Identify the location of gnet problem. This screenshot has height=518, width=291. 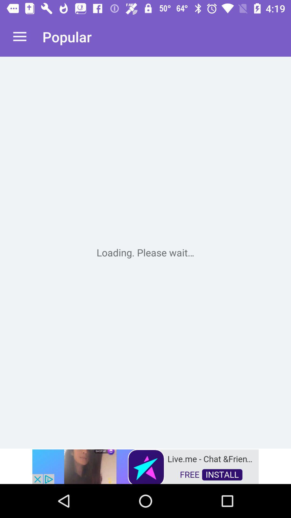
(145, 252).